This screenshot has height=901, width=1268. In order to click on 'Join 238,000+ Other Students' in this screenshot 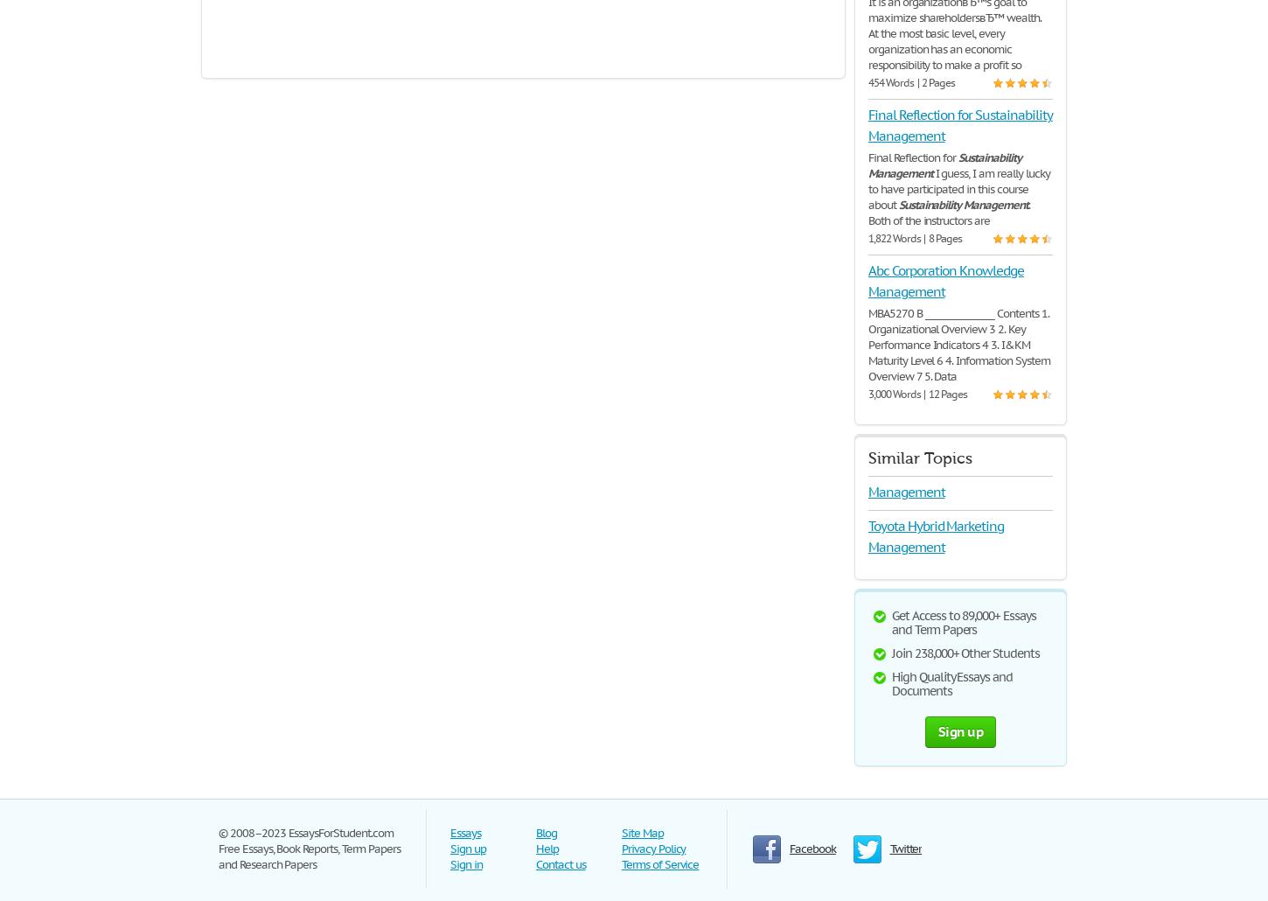, I will do `click(965, 653)`.